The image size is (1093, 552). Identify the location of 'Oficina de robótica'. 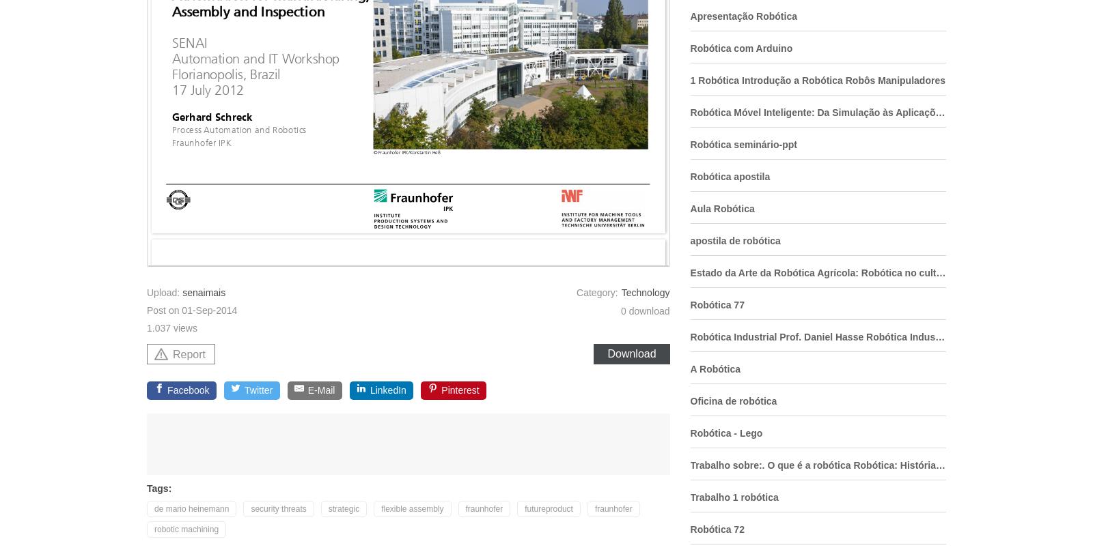
(689, 401).